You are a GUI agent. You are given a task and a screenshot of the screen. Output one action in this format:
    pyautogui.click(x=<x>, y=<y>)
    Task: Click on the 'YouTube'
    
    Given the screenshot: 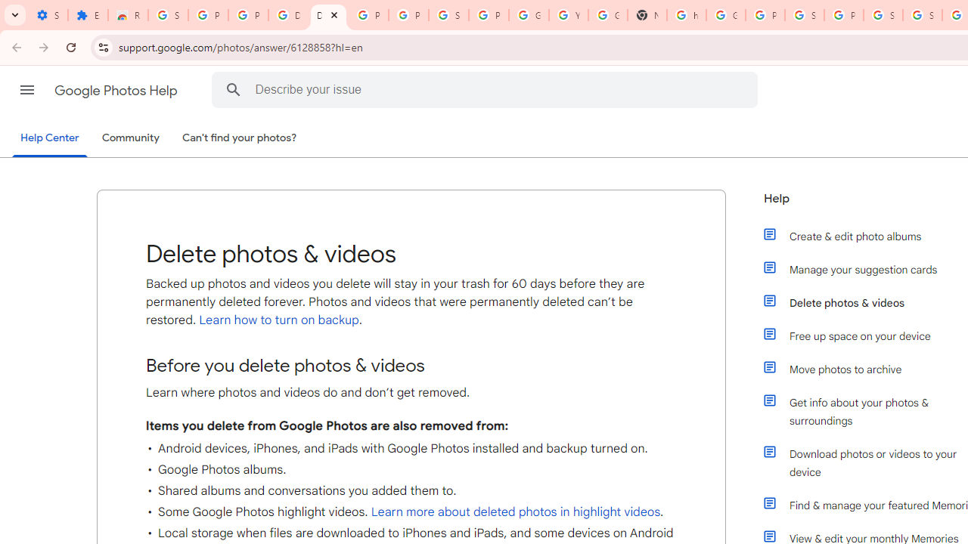 What is the action you would take?
    pyautogui.click(x=568, y=15)
    